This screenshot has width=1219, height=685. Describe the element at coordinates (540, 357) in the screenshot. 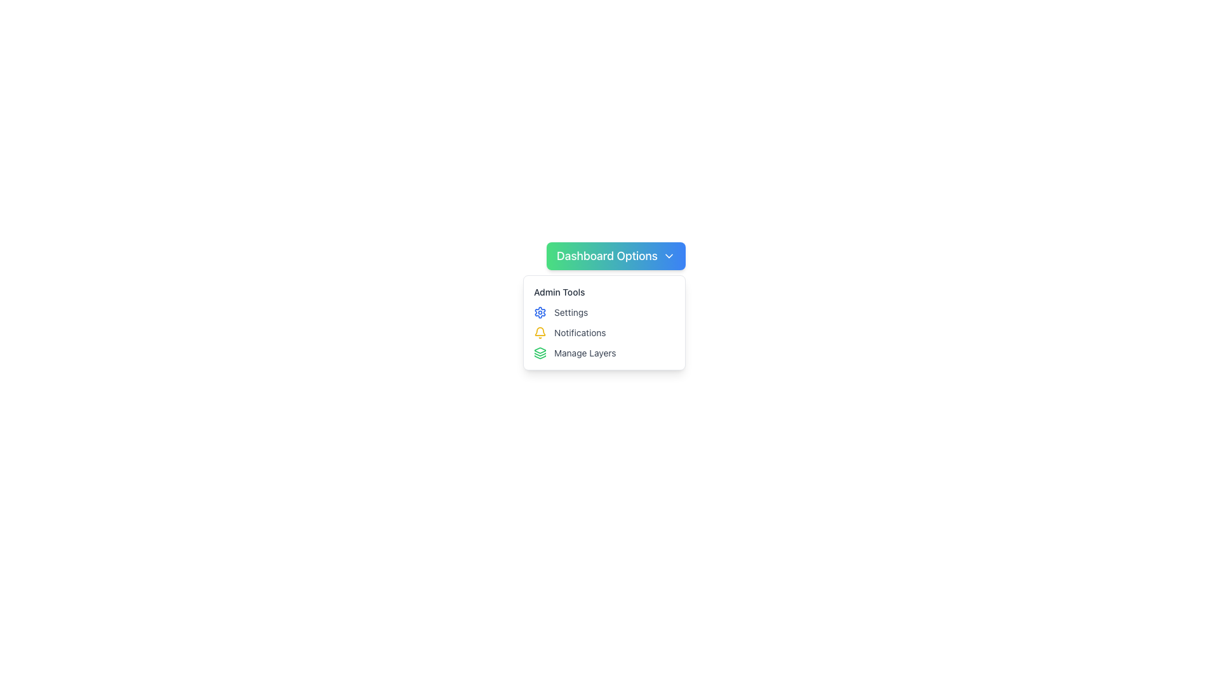

I see `the bottom-most part of the green-themed icon segment that forms a stack-like shape, located to the left of the 'Manage Layers' label in the dropdown menu` at that location.